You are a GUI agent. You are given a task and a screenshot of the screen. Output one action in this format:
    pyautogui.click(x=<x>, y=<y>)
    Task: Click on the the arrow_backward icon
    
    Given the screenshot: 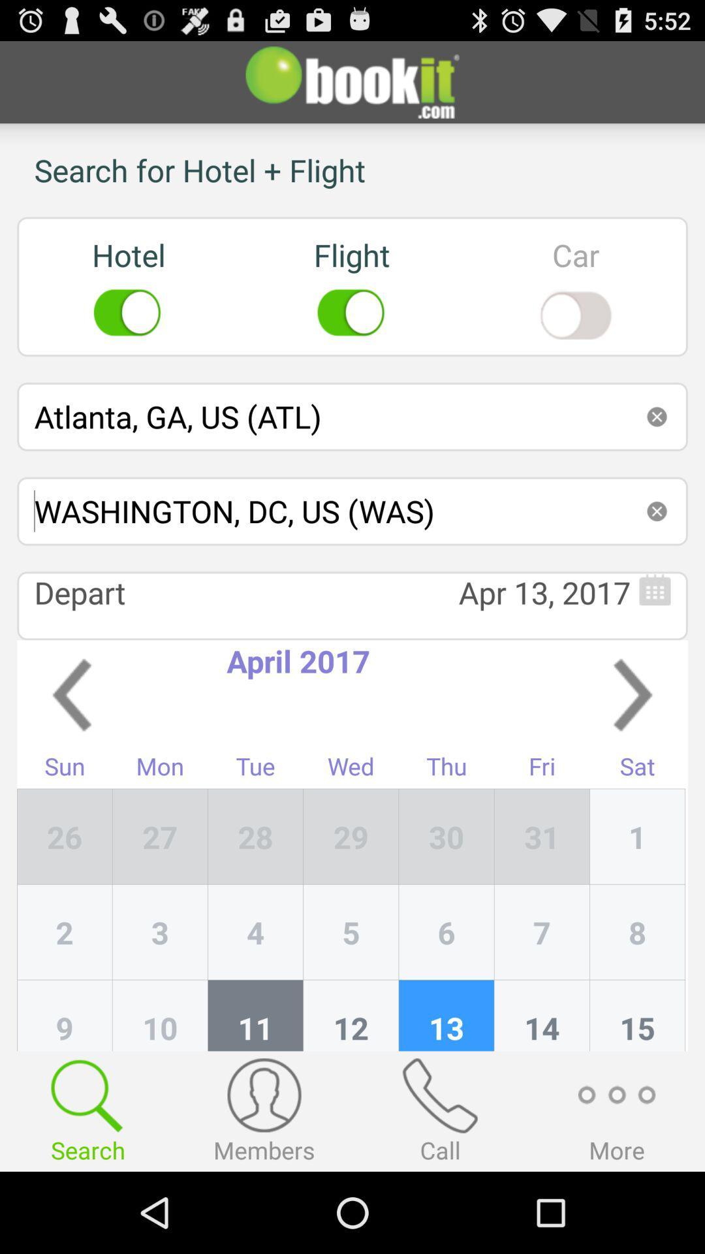 What is the action you would take?
    pyautogui.click(x=72, y=743)
    